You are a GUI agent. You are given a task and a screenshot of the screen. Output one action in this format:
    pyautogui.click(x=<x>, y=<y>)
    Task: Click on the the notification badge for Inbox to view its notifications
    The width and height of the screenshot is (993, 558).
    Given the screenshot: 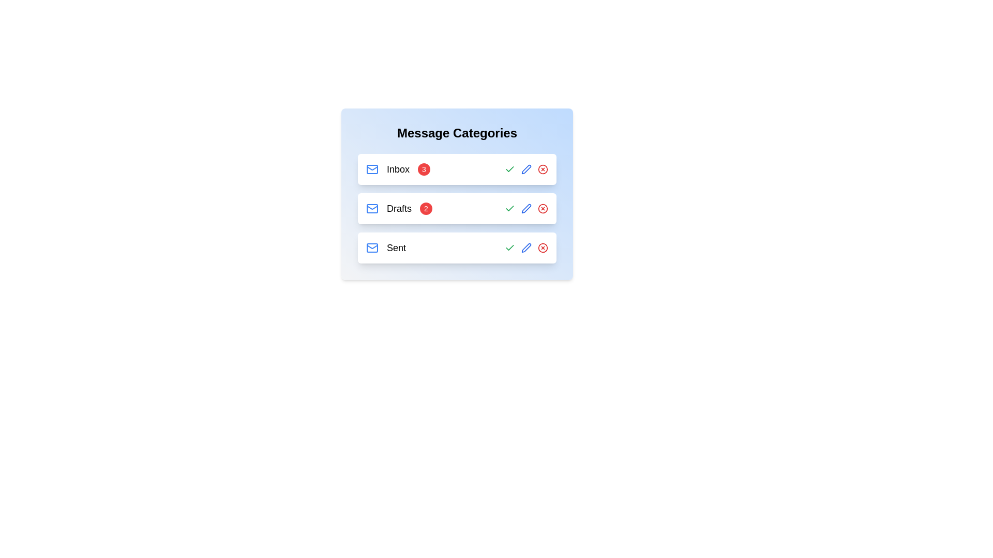 What is the action you would take?
    pyautogui.click(x=424, y=168)
    